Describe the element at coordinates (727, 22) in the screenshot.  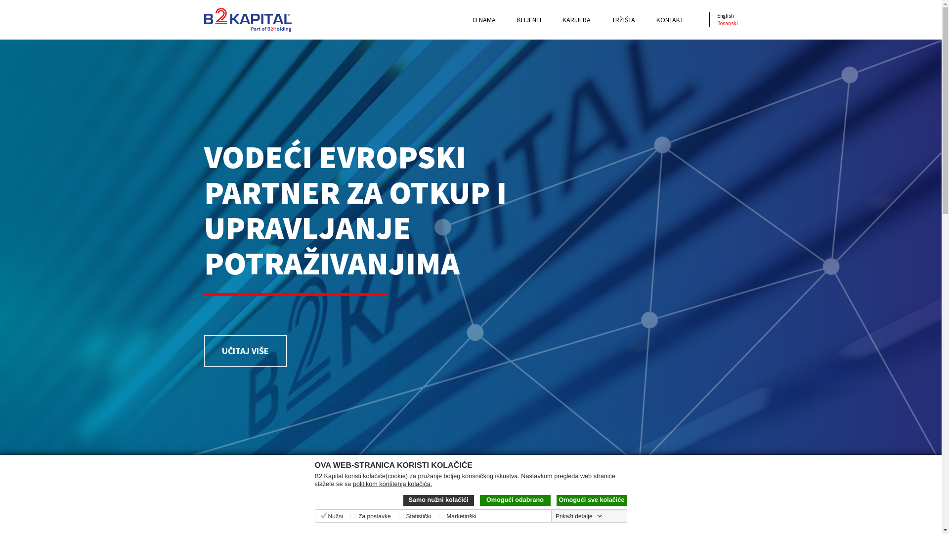
I see `'Bosanski'` at that location.